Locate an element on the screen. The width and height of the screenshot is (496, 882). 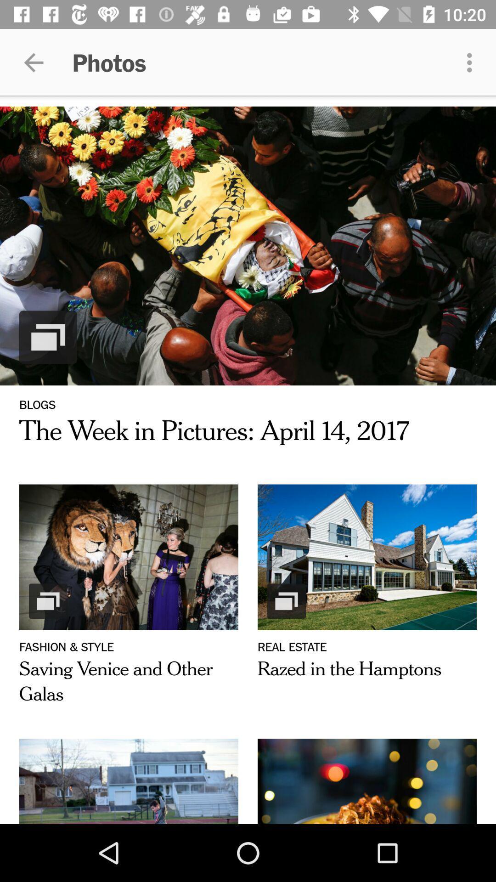
the icon above the text fashion  style is located at coordinates (48, 601).